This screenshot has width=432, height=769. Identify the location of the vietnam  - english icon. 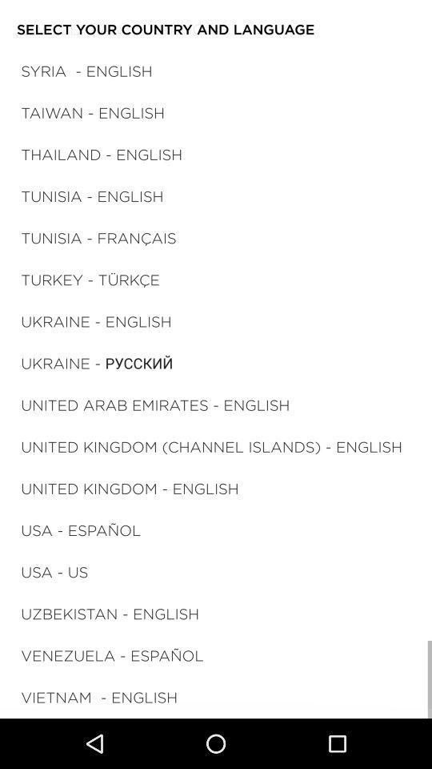
(99, 696).